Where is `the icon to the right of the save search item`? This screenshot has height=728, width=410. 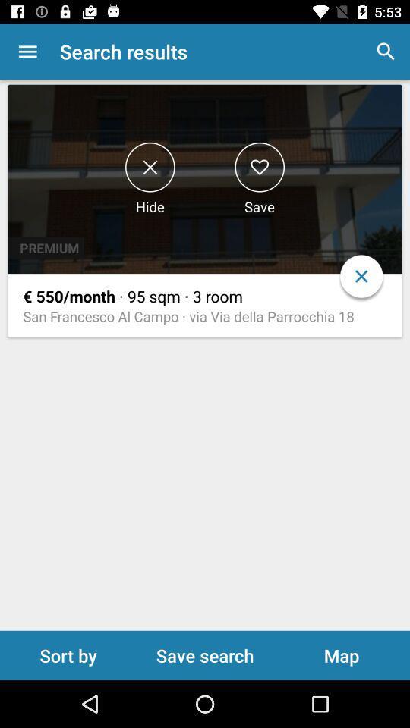
the icon to the right of the save search item is located at coordinates (341, 654).